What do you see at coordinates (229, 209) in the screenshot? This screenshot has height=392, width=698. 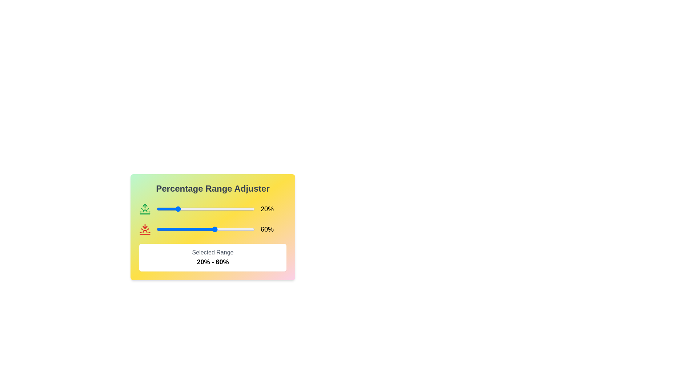 I see `the slider` at bounding box center [229, 209].